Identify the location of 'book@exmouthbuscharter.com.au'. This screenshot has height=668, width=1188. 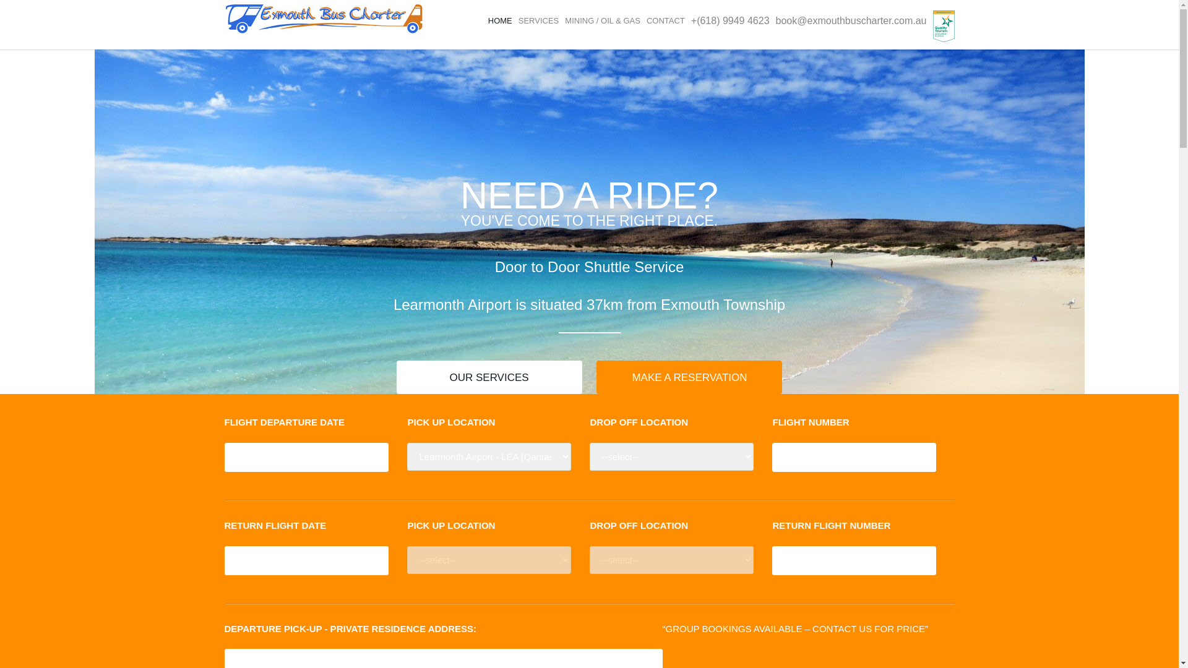
(851, 20).